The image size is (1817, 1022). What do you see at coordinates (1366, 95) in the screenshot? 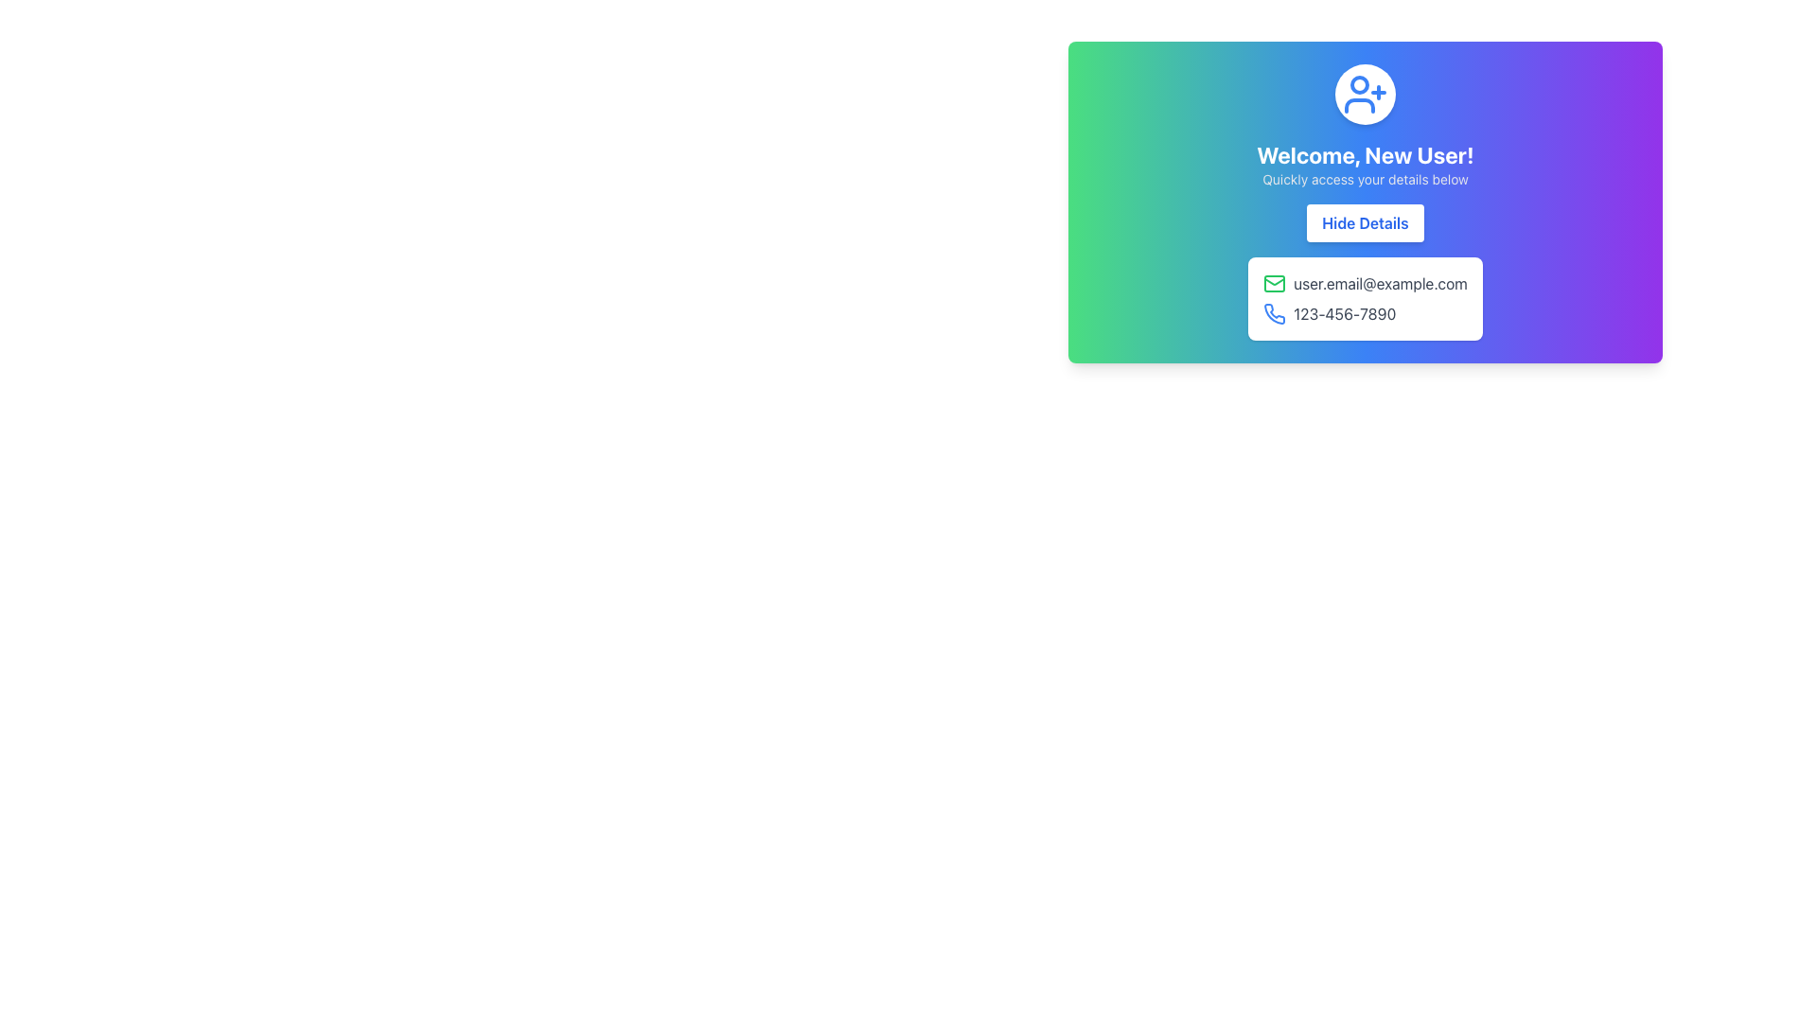
I see `the blue icon depicting a person with a plus sign, which indicates adding a user, located at the top center of a card-like UI element` at bounding box center [1366, 95].